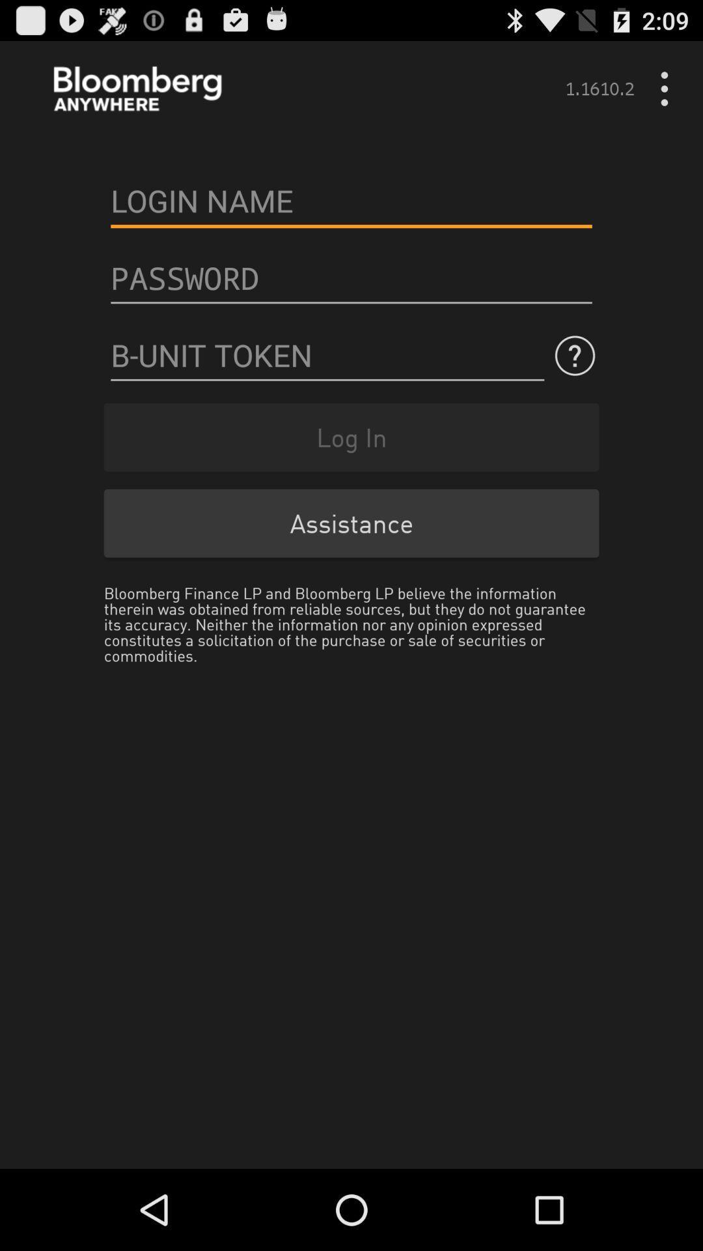  Describe the element at coordinates (351, 278) in the screenshot. I see `password` at that location.